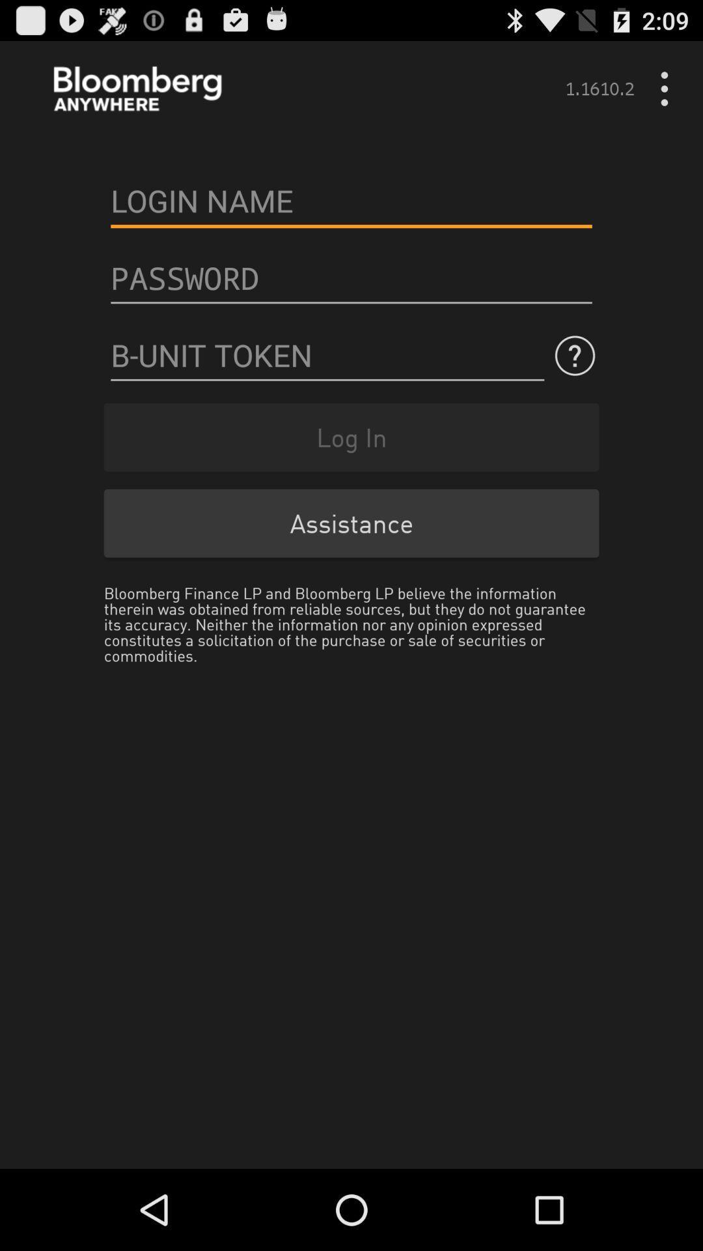  Describe the element at coordinates (351, 278) in the screenshot. I see `password` at that location.